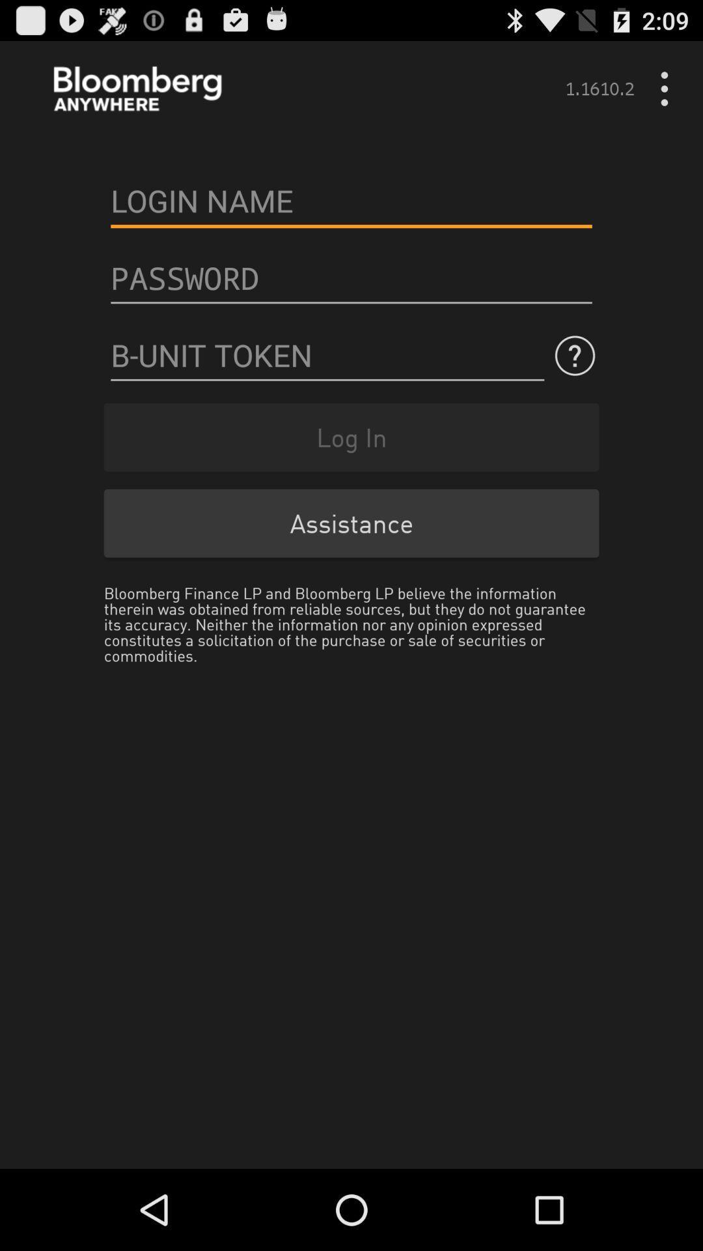  Describe the element at coordinates (351, 278) in the screenshot. I see `password` at that location.